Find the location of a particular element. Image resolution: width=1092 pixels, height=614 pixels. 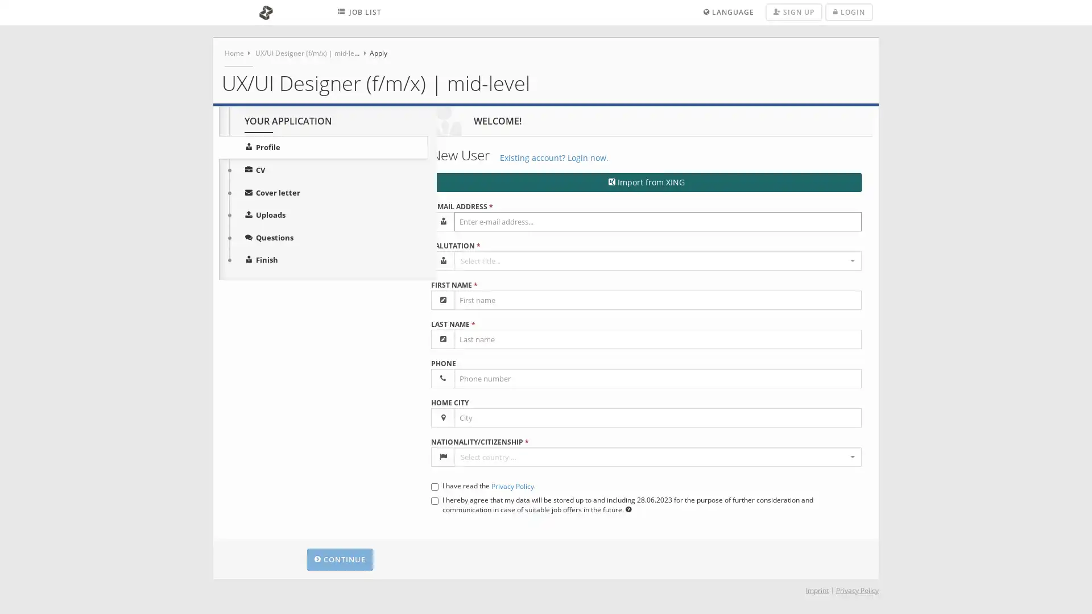

SIGN UP is located at coordinates (793, 12).